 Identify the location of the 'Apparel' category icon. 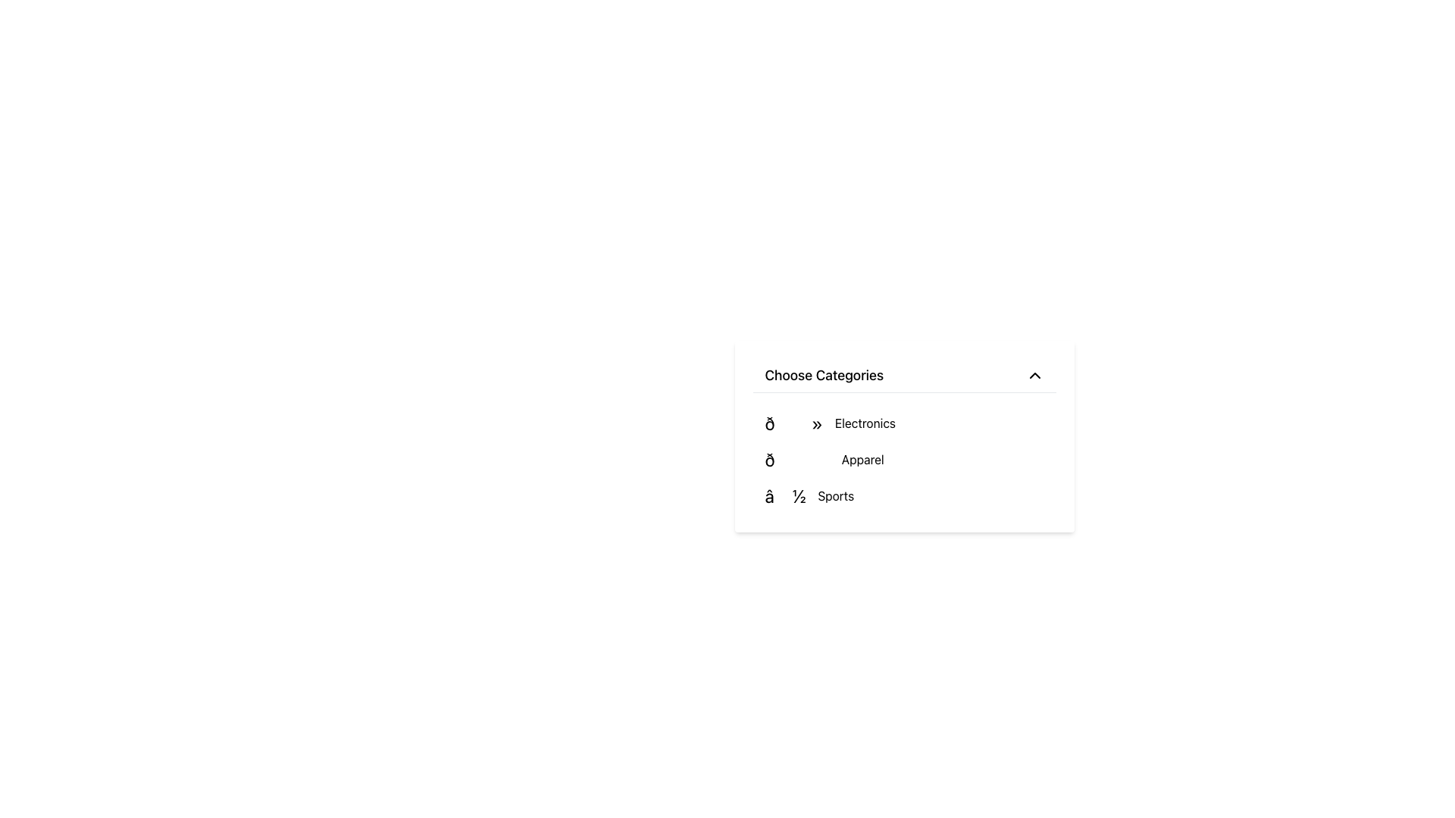
(796, 458).